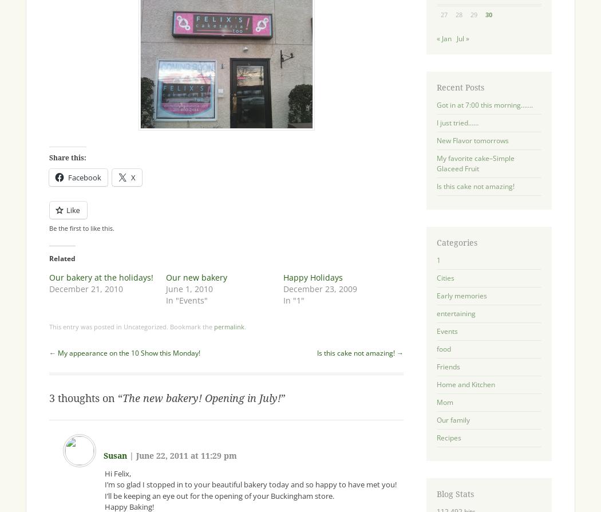  Describe the element at coordinates (444, 401) in the screenshot. I see `'Mom'` at that location.